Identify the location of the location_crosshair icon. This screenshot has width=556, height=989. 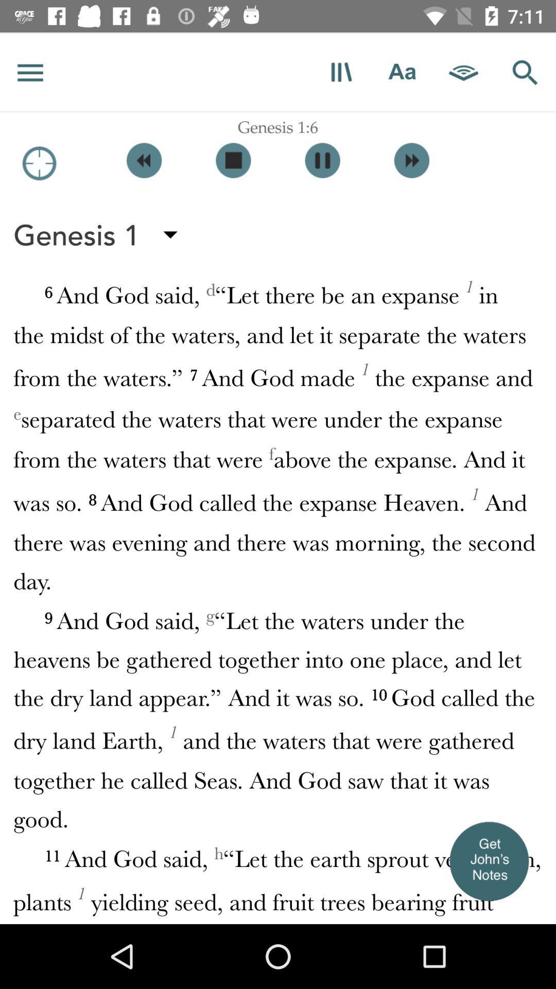
(39, 163).